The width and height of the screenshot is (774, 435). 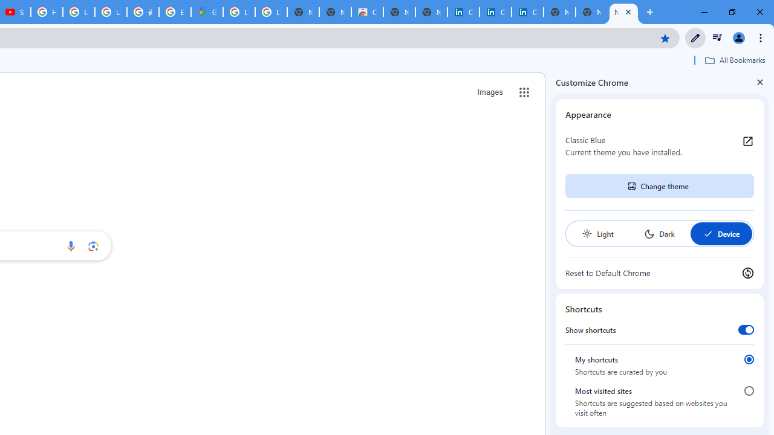 What do you see at coordinates (659, 186) in the screenshot?
I see `'Change theme'` at bounding box center [659, 186].